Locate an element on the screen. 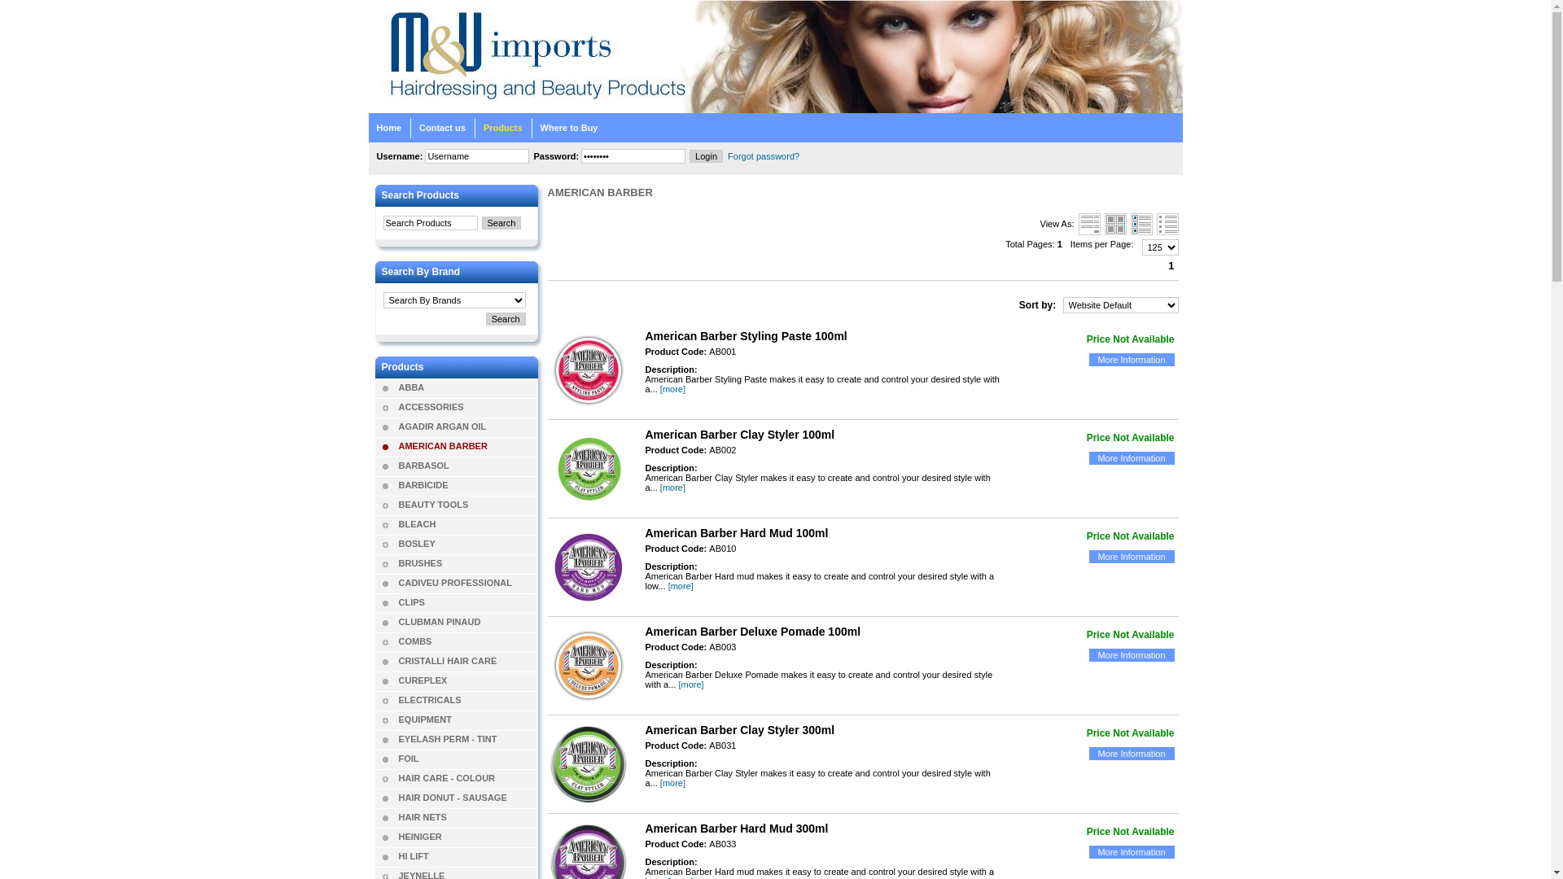 Image resolution: width=1563 pixels, height=879 pixels. 'More Information' is located at coordinates (1131, 753).